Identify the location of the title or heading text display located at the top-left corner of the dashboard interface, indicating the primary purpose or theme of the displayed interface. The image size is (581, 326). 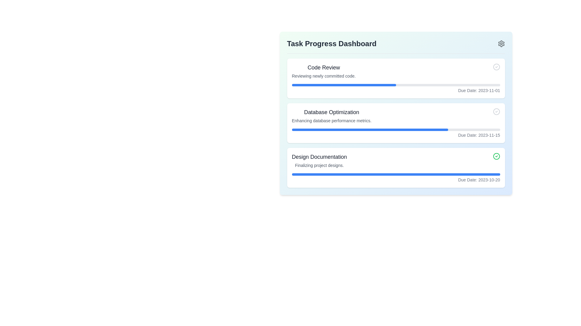
(331, 43).